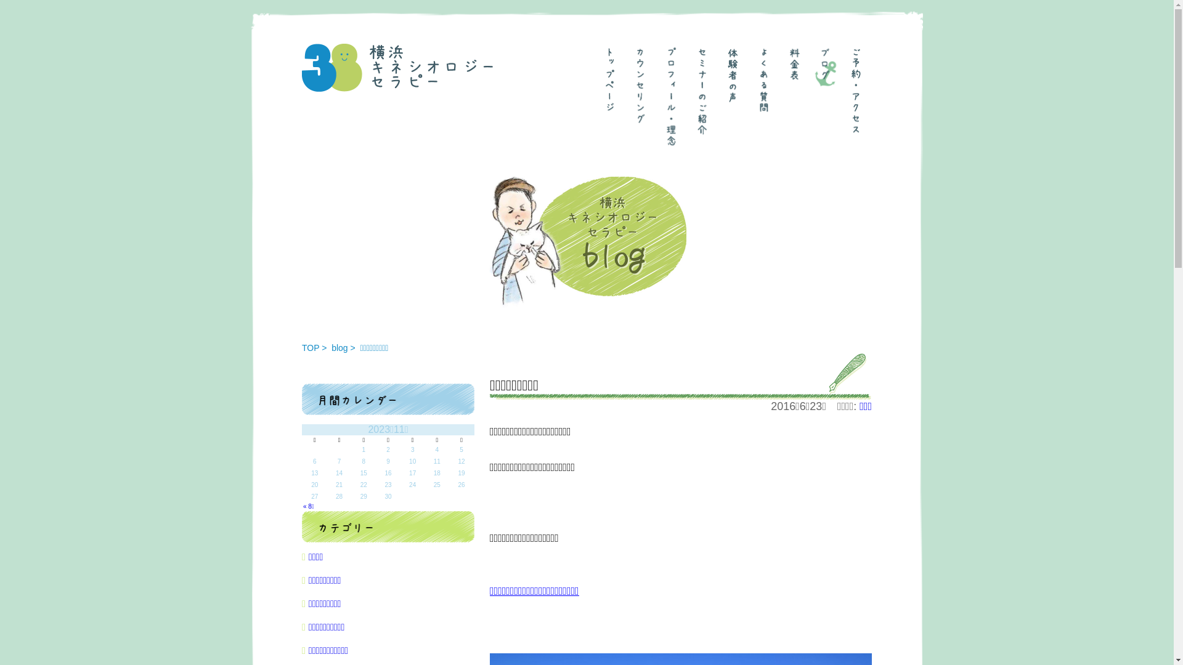 The width and height of the screenshot is (1183, 665). I want to click on 'blog', so click(339, 347).